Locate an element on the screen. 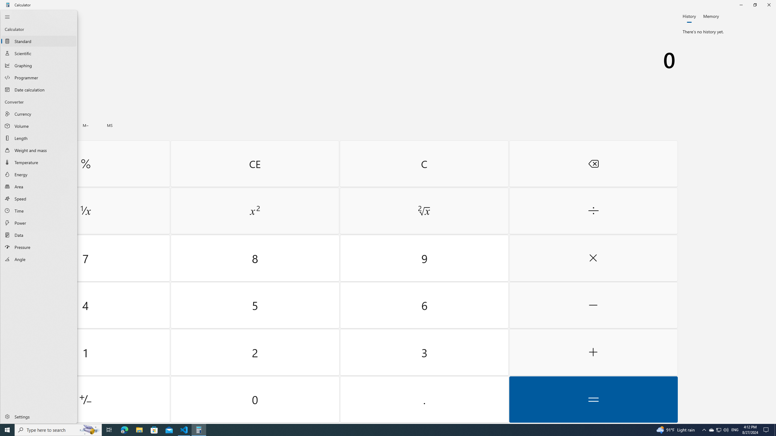  'Close Calculator' is located at coordinates (768, 5).